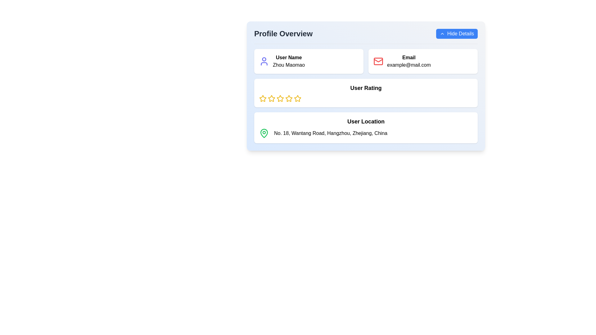  What do you see at coordinates (378, 61) in the screenshot?
I see `the email icon located in the top-right segment of the white card section titled 'Email', which visually represents email-related information` at bounding box center [378, 61].